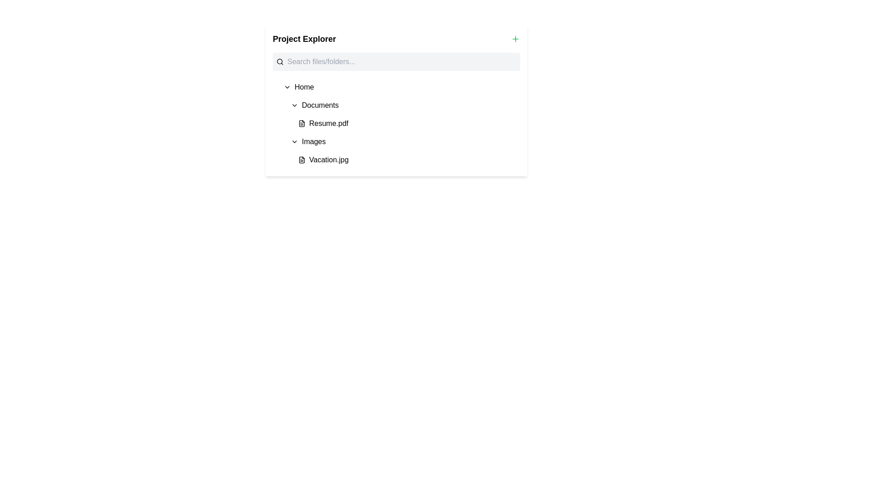  I want to click on the 'Documents' list item in the navigation tree for keyboard navigation, so click(403, 105).